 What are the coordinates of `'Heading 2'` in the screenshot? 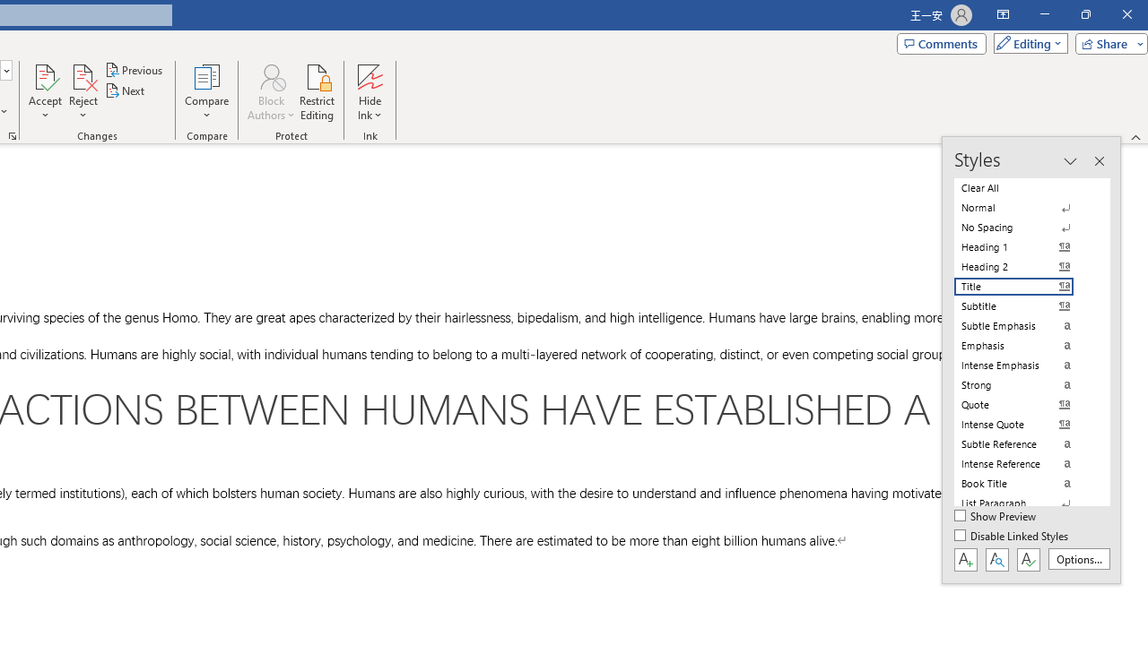 It's located at (1024, 267).